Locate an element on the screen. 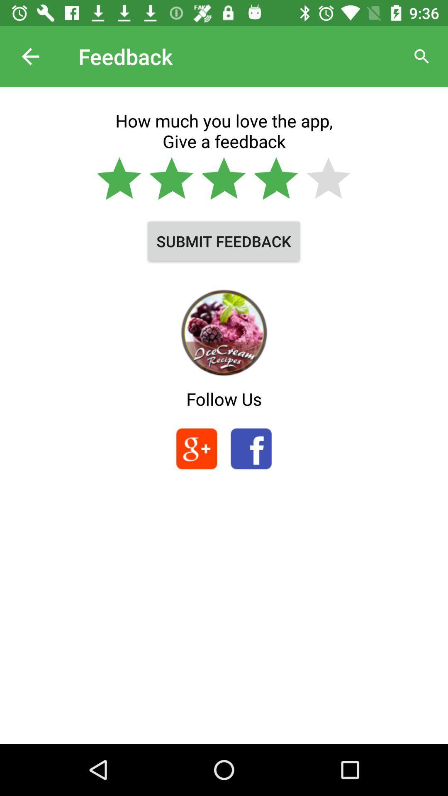  the facebook icon is located at coordinates (251, 448).